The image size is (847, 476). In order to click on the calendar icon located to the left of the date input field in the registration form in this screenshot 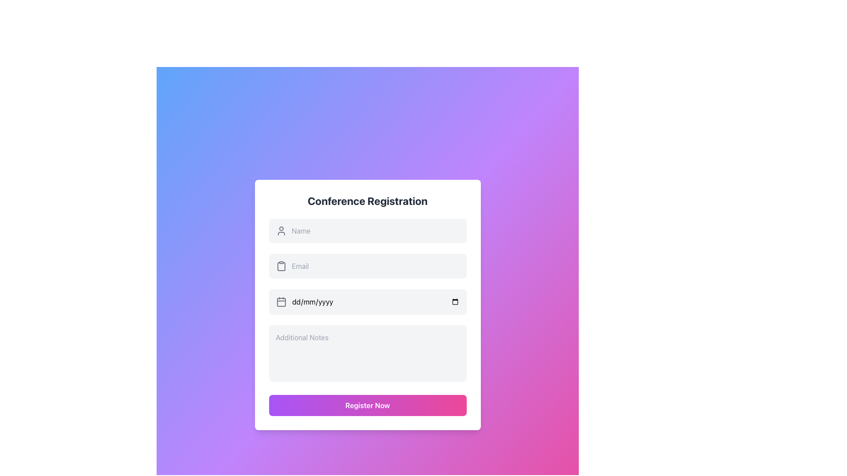, I will do `click(281, 301)`.